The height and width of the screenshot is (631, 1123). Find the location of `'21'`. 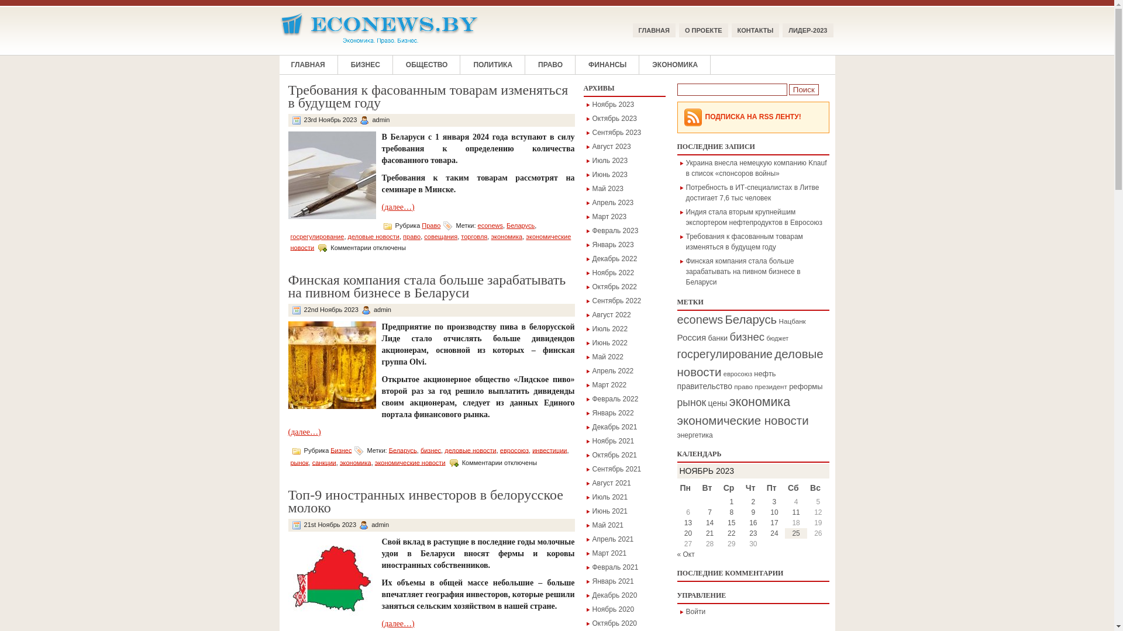

'21' is located at coordinates (709, 533).